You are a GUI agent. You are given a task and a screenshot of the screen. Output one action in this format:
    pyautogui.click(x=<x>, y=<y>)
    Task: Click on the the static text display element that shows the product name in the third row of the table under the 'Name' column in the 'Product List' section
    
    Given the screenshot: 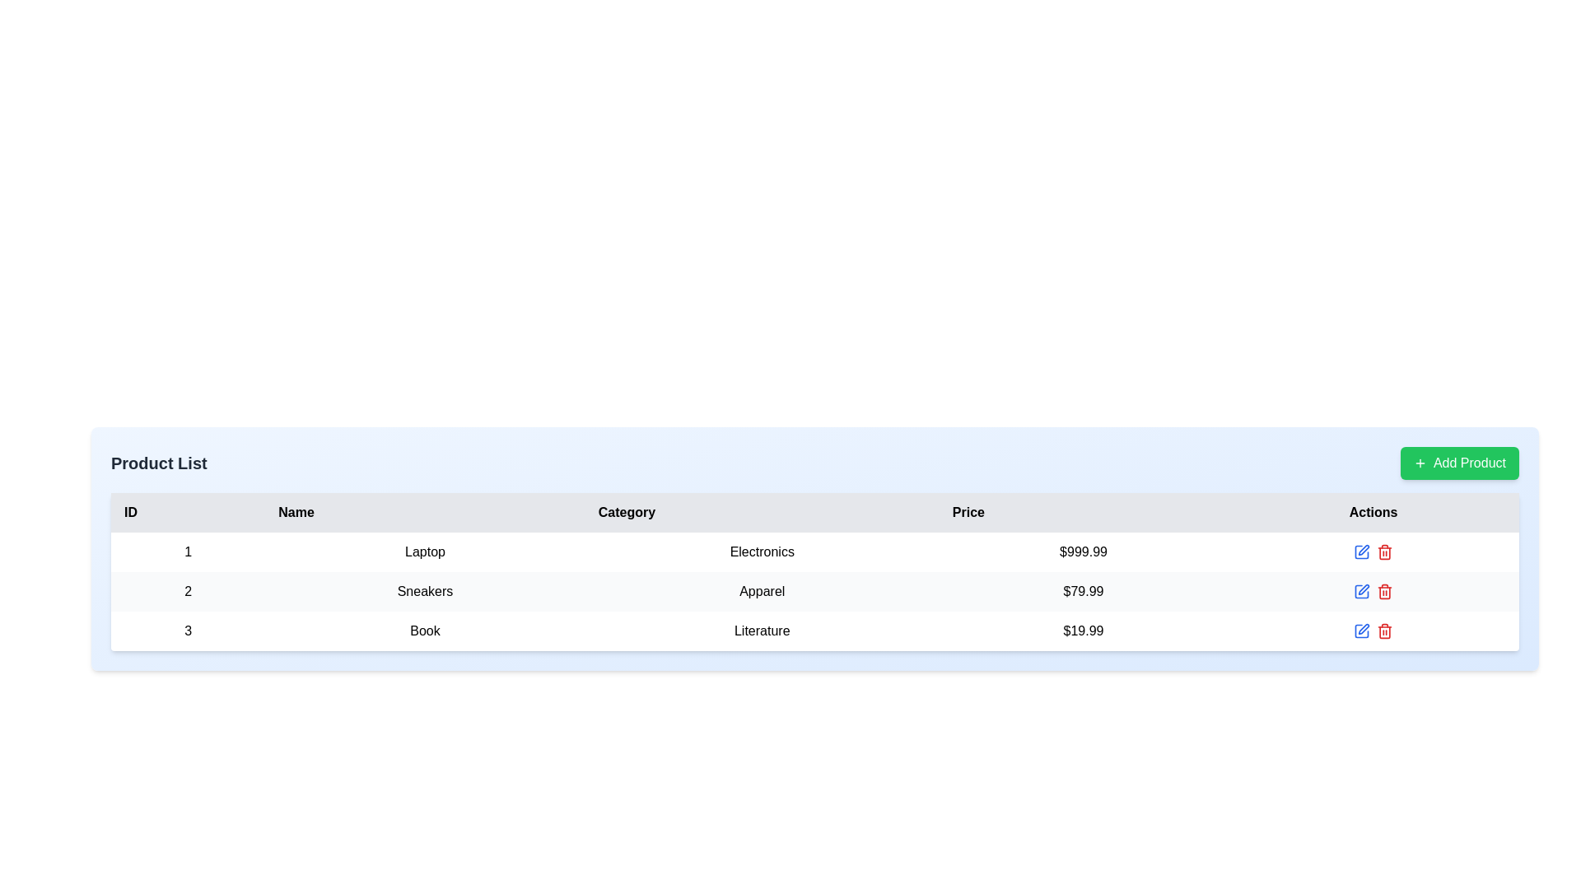 What is the action you would take?
    pyautogui.click(x=425, y=631)
    